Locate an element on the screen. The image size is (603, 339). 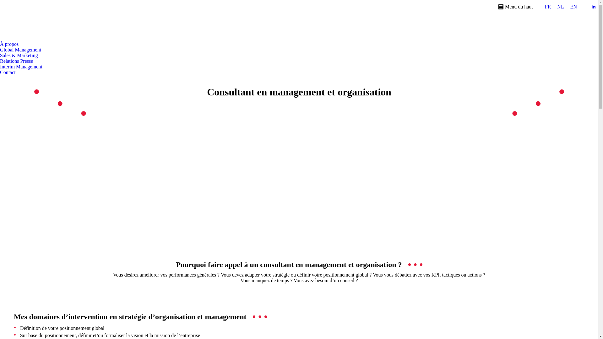
'Sales & Marketing' is located at coordinates (19, 55).